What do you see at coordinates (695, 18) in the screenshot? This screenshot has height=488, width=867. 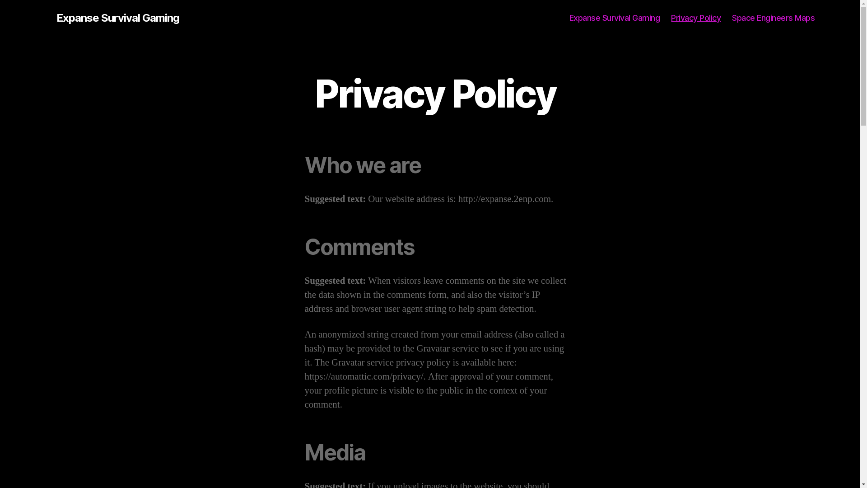 I see `'Privacy Policy'` at bounding box center [695, 18].